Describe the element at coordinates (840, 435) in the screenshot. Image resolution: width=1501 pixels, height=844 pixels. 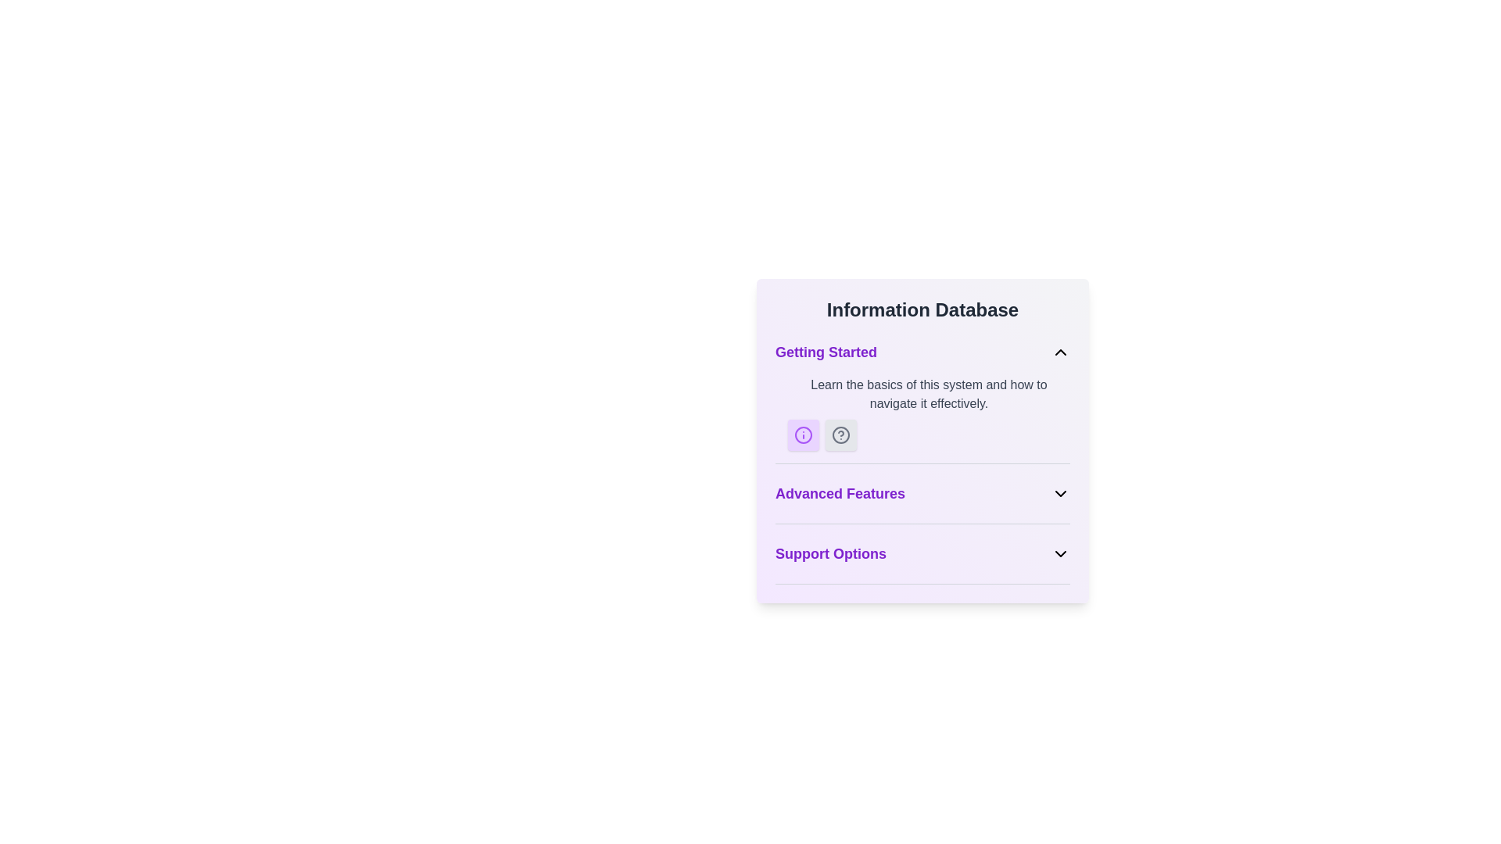
I see `the circular icon button with a gray border and a '?' symbol inside, located in the 'Getting Started' section of the 'Information Database' card` at that location.